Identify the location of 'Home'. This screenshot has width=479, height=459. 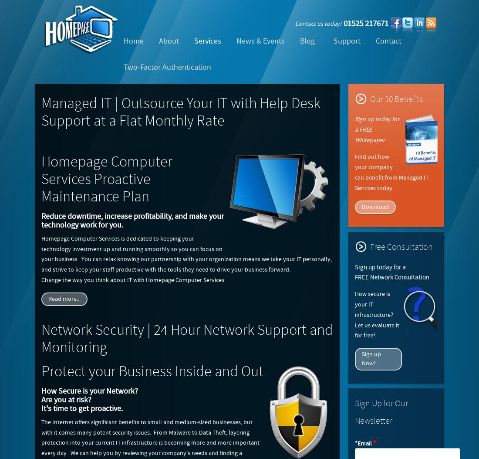
(133, 41).